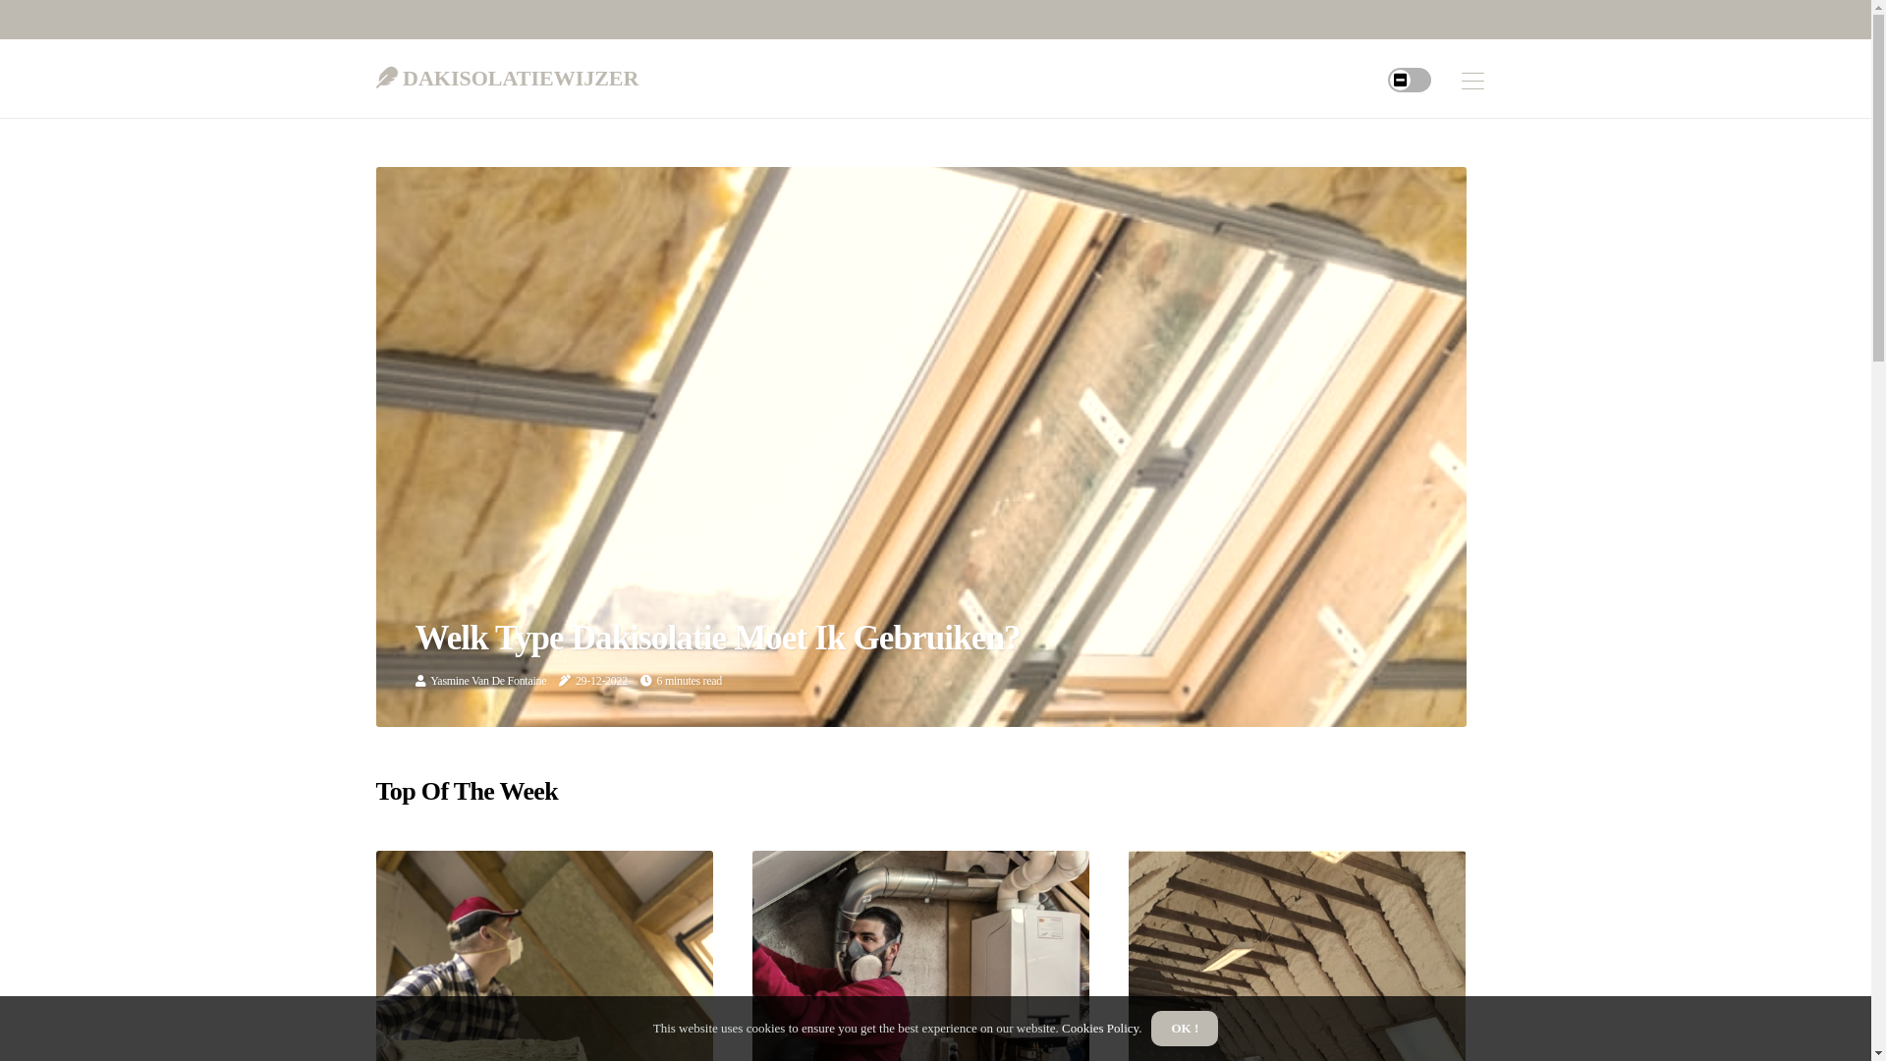  Describe the element at coordinates (375, 72) in the screenshot. I see `'dakisolatiewijzer'` at that location.